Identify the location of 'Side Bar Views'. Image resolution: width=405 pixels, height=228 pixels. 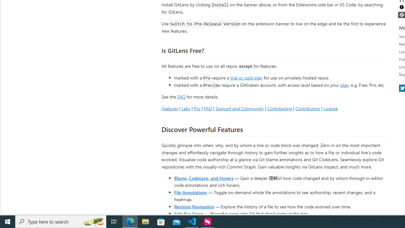
(188, 213).